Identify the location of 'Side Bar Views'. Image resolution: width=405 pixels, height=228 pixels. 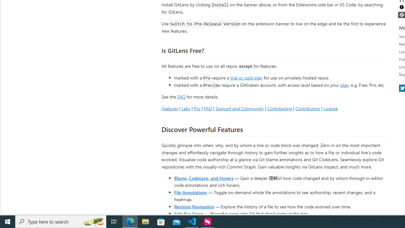
(188, 213).